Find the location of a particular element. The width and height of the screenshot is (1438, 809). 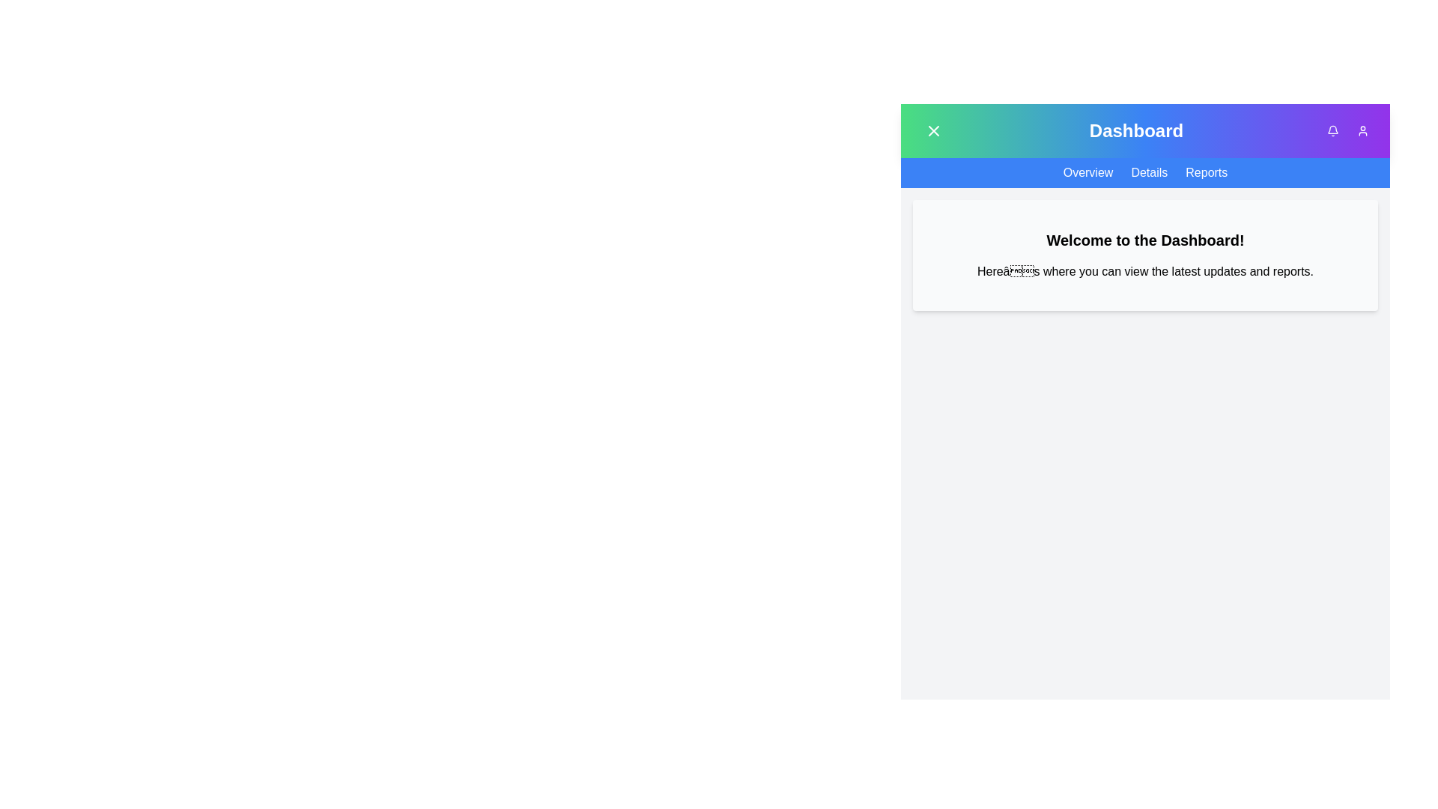

notification bell icon to view notifications is located at coordinates (1333, 130).